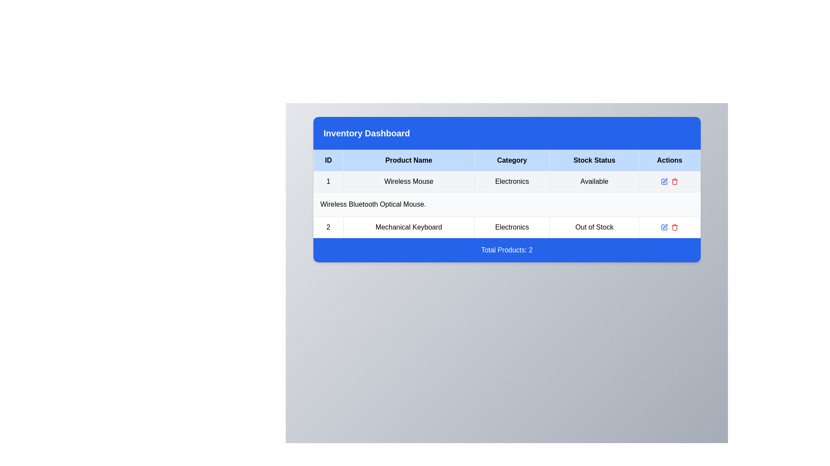 This screenshot has width=830, height=466. I want to click on the graphical icon in the 'Actions' column of the table row for the 'Mechanical Keyboard' product, which resembles a partial square with a missing portion, so click(664, 227).